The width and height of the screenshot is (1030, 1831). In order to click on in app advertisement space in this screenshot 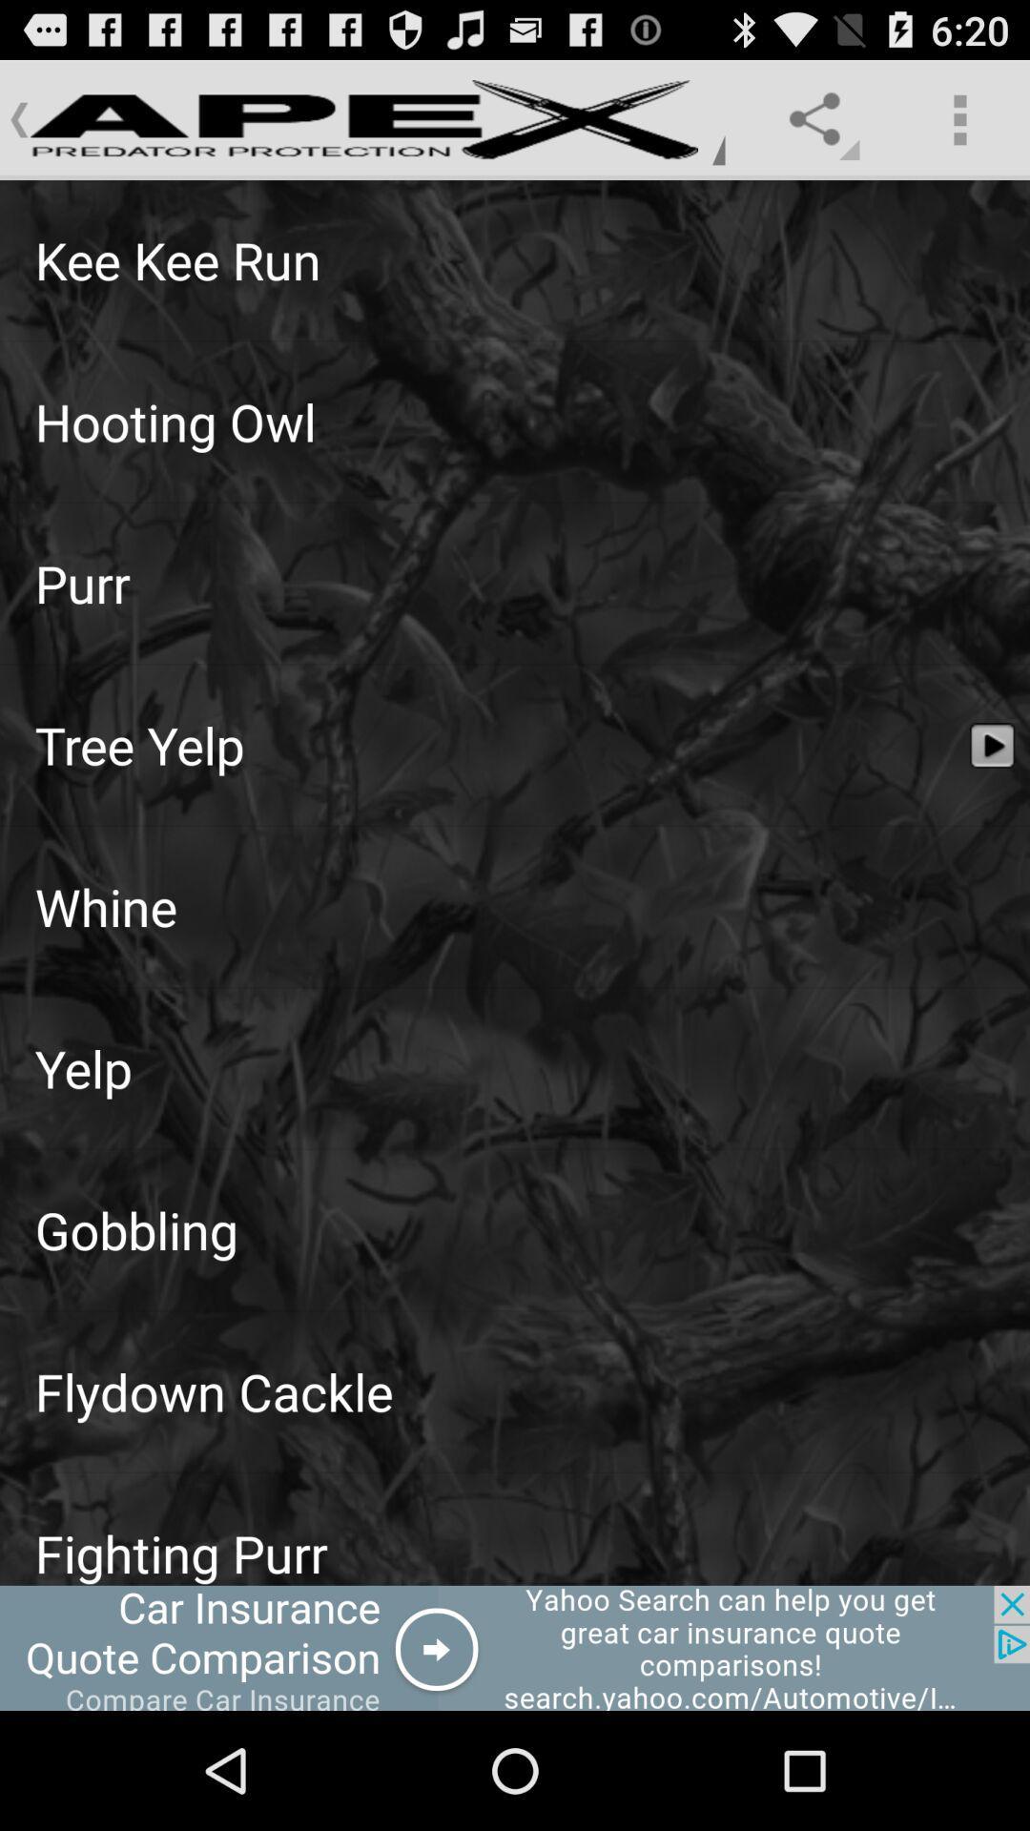, I will do `click(515, 1647)`.